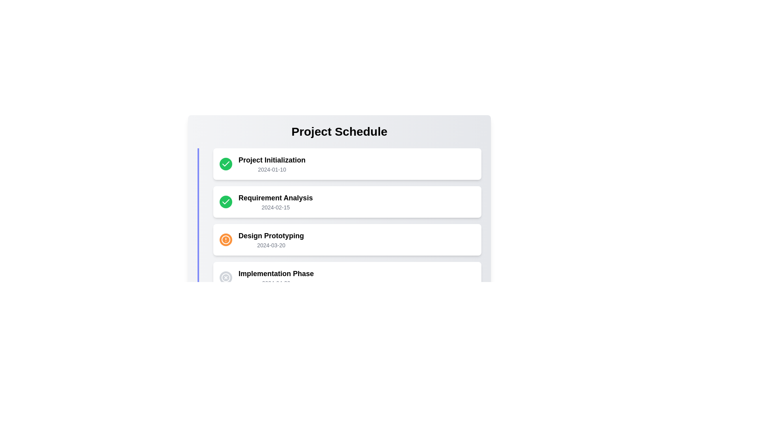 The height and width of the screenshot is (426, 757). Describe the element at coordinates (272, 164) in the screenshot. I see `displayed text from the label that shows 'Project Initialization' and the date '2024-01-10', which is part of a list-style interface in a white rectangular card` at that location.